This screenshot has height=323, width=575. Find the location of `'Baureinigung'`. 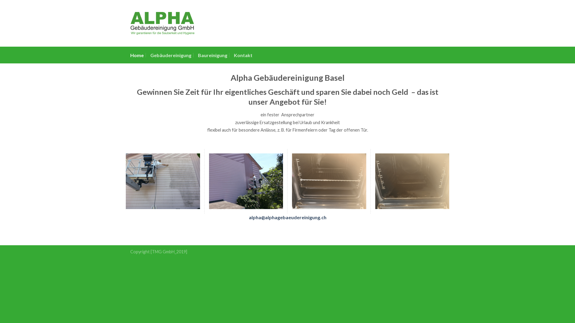

'Baureinigung' is located at coordinates (213, 55).